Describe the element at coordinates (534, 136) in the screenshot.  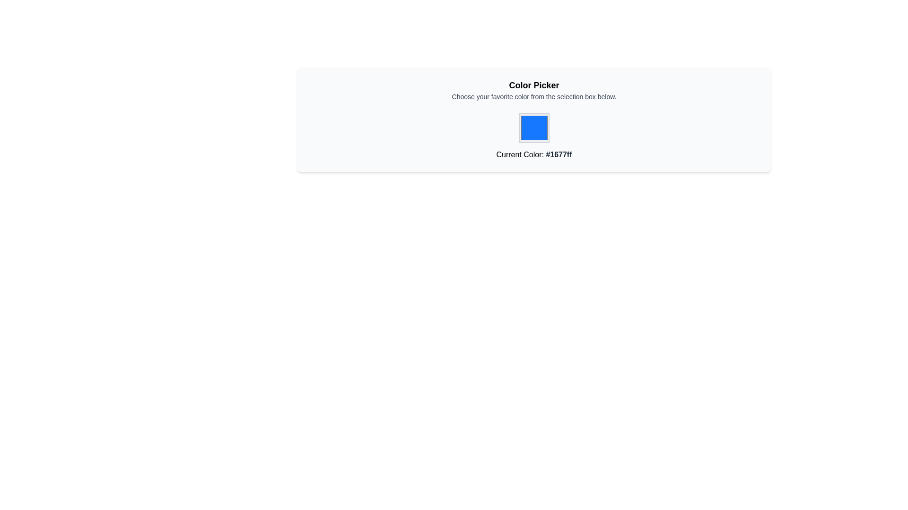
I see `the color display box with a blue fill (#1677ff) located beneath the text 'Choose your favorite color from the selection box below.'` at that location.